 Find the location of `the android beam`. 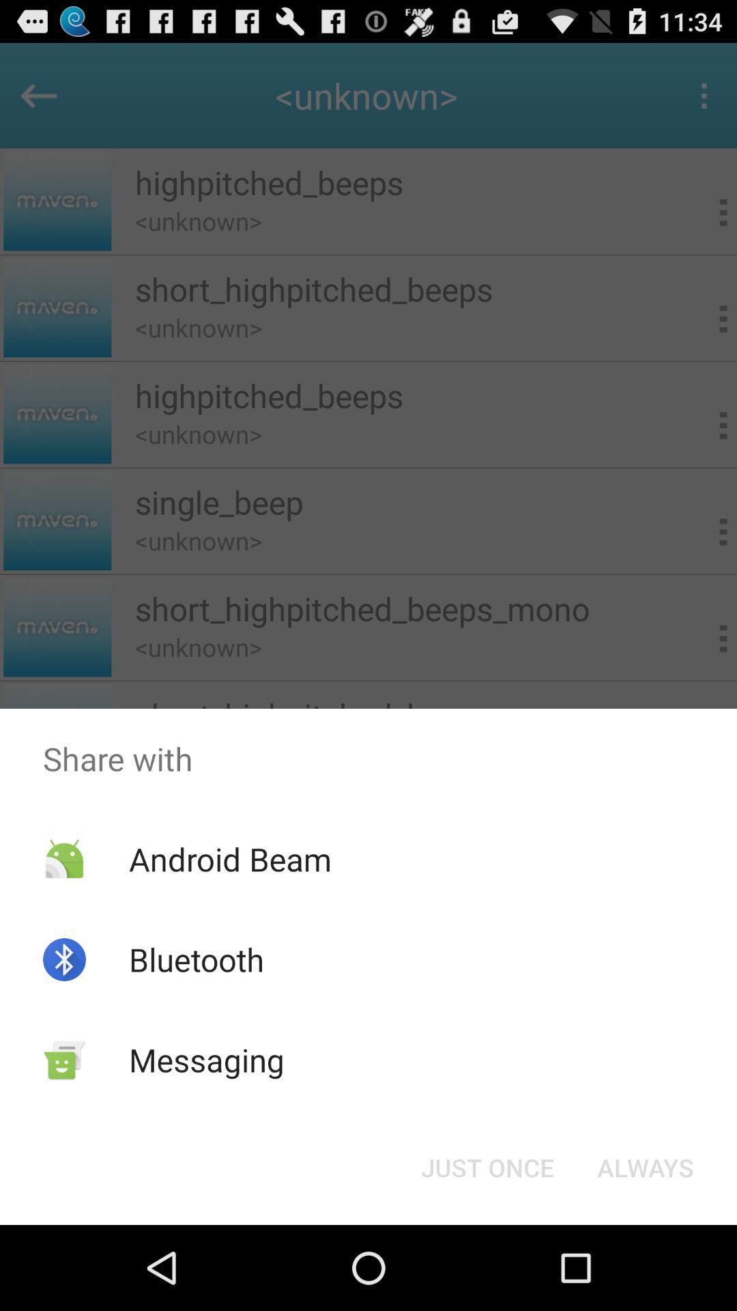

the android beam is located at coordinates (229, 858).